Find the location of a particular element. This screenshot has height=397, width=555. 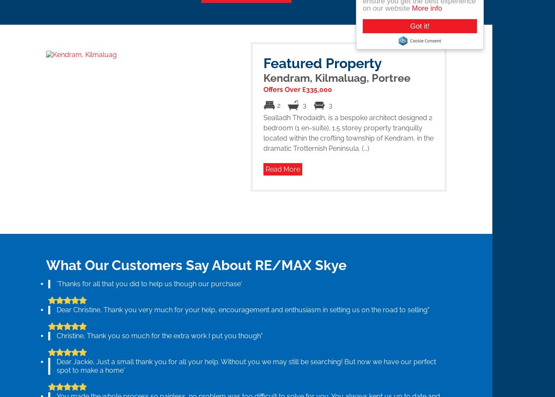

'Sealladh
Throdaidh, is a bespoke architect designed 2 bedroom (1 en-suite), 1.5 storey
property tranquilly located within the crofting township of Kendram, in the
dramatic Trotternish Peninsula. (...)' is located at coordinates (348, 132).